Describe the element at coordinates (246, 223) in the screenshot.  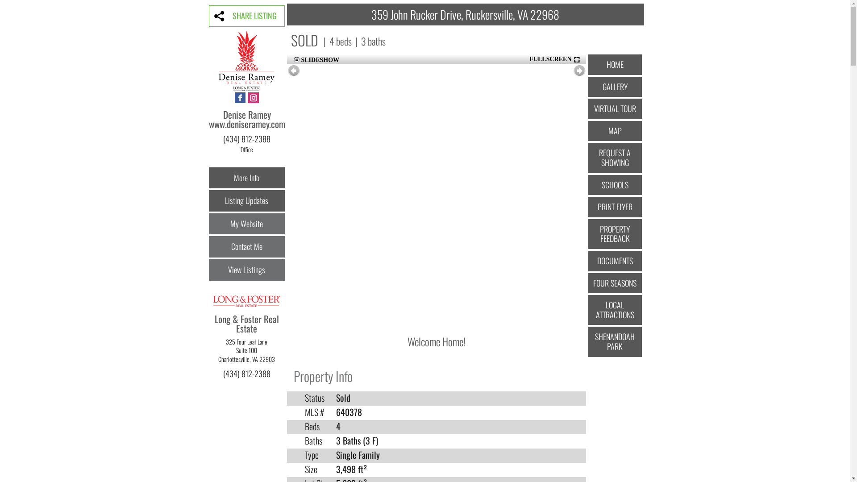
I see `'My Website'` at that location.